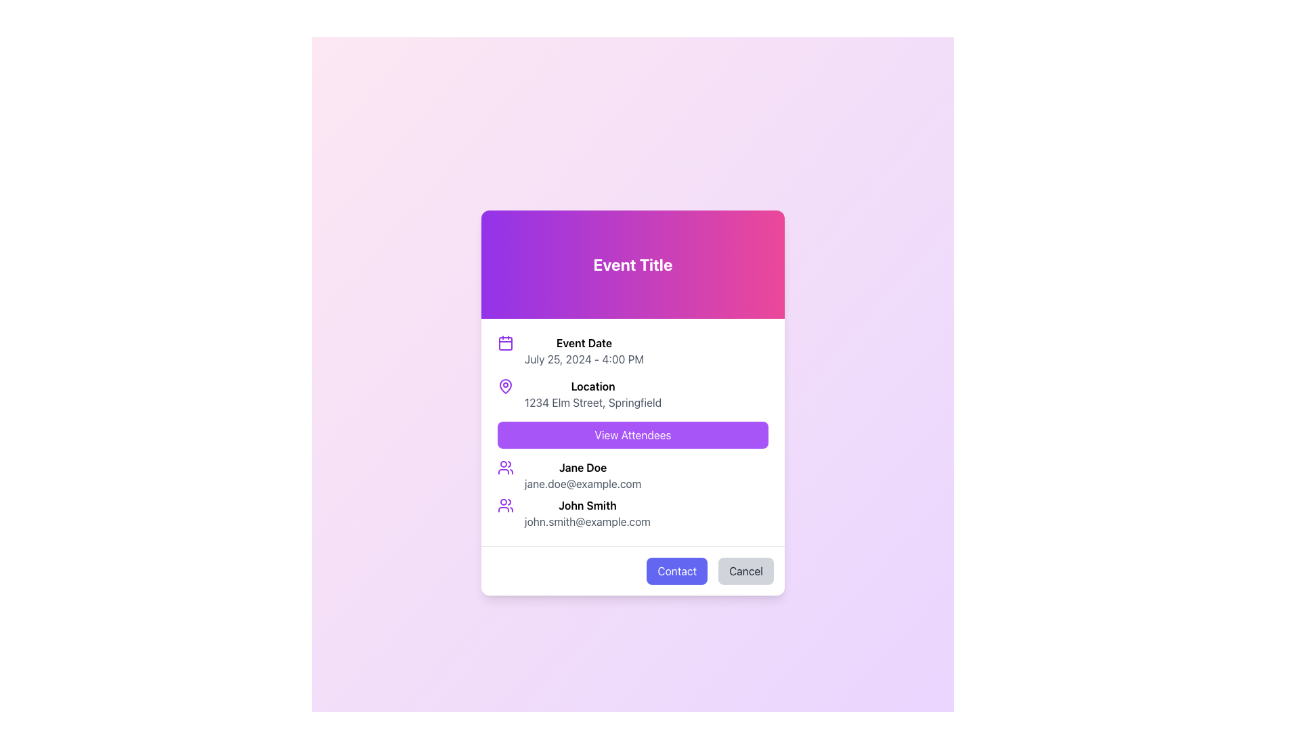 Image resolution: width=1300 pixels, height=731 pixels. I want to click on the text element displaying '1234 Elm Street, Springfield', which is styled in a gray font and positioned below the 'Location' text, so click(593, 401).